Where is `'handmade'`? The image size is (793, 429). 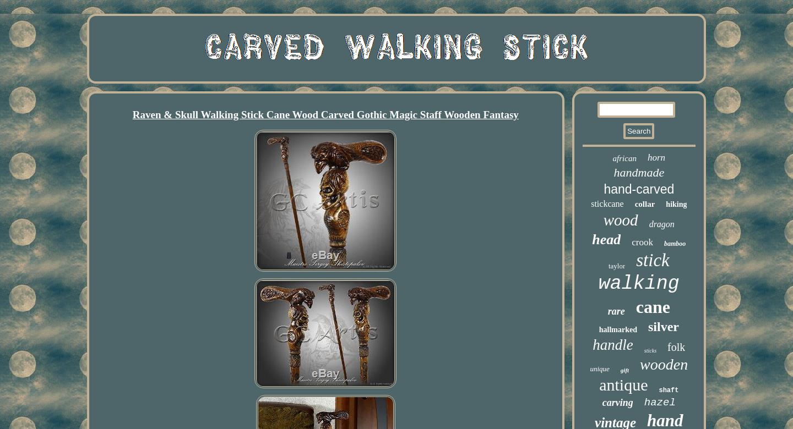 'handmade' is located at coordinates (639, 172).